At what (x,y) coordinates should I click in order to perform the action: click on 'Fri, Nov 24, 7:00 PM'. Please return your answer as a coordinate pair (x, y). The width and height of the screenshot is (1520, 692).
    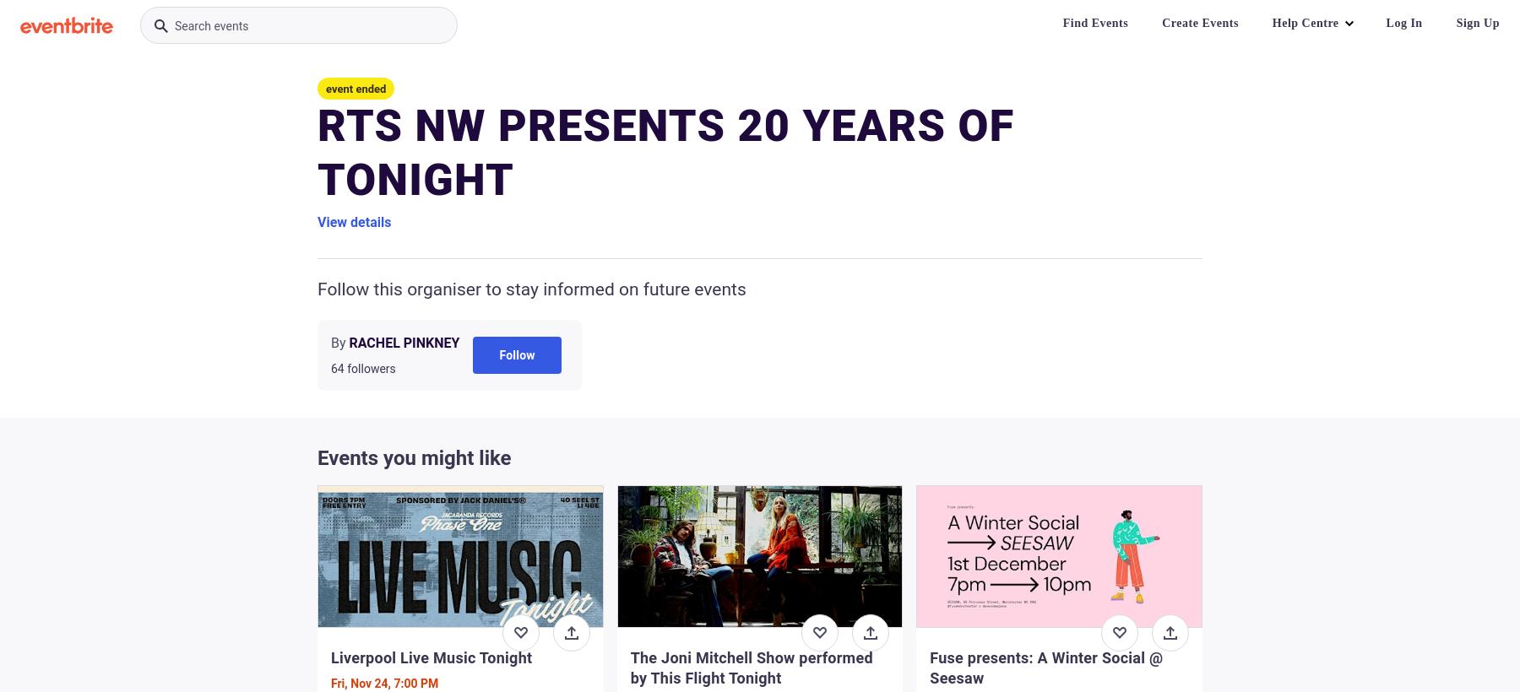
    Looking at the image, I should click on (383, 683).